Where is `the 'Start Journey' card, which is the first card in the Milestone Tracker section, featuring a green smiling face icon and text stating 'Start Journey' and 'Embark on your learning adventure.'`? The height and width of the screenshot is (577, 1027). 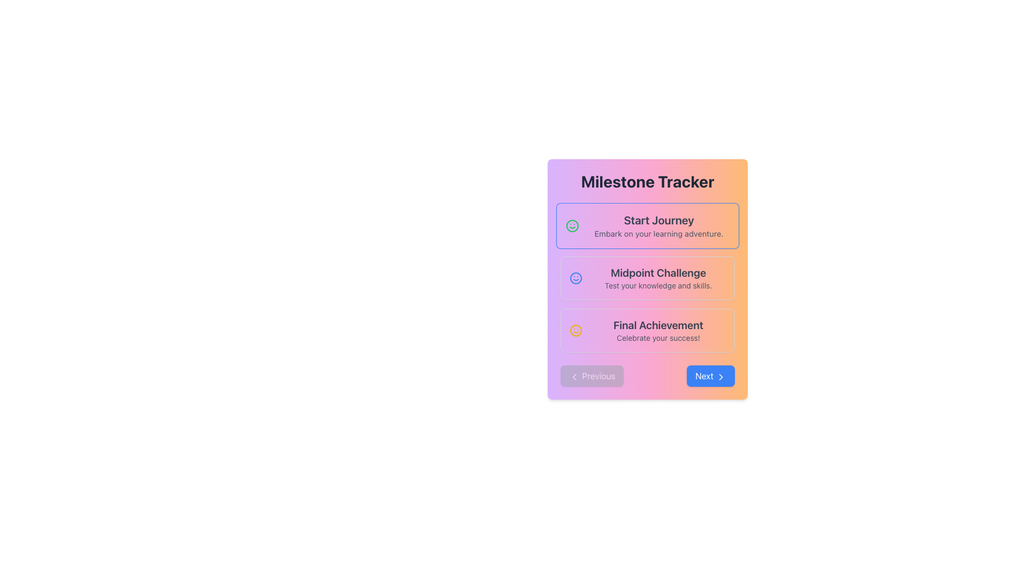
the 'Start Journey' card, which is the first card in the Milestone Tracker section, featuring a green smiling face icon and text stating 'Start Journey' and 'Embark on your learning adventure.' is located at coordinates (647, 225).